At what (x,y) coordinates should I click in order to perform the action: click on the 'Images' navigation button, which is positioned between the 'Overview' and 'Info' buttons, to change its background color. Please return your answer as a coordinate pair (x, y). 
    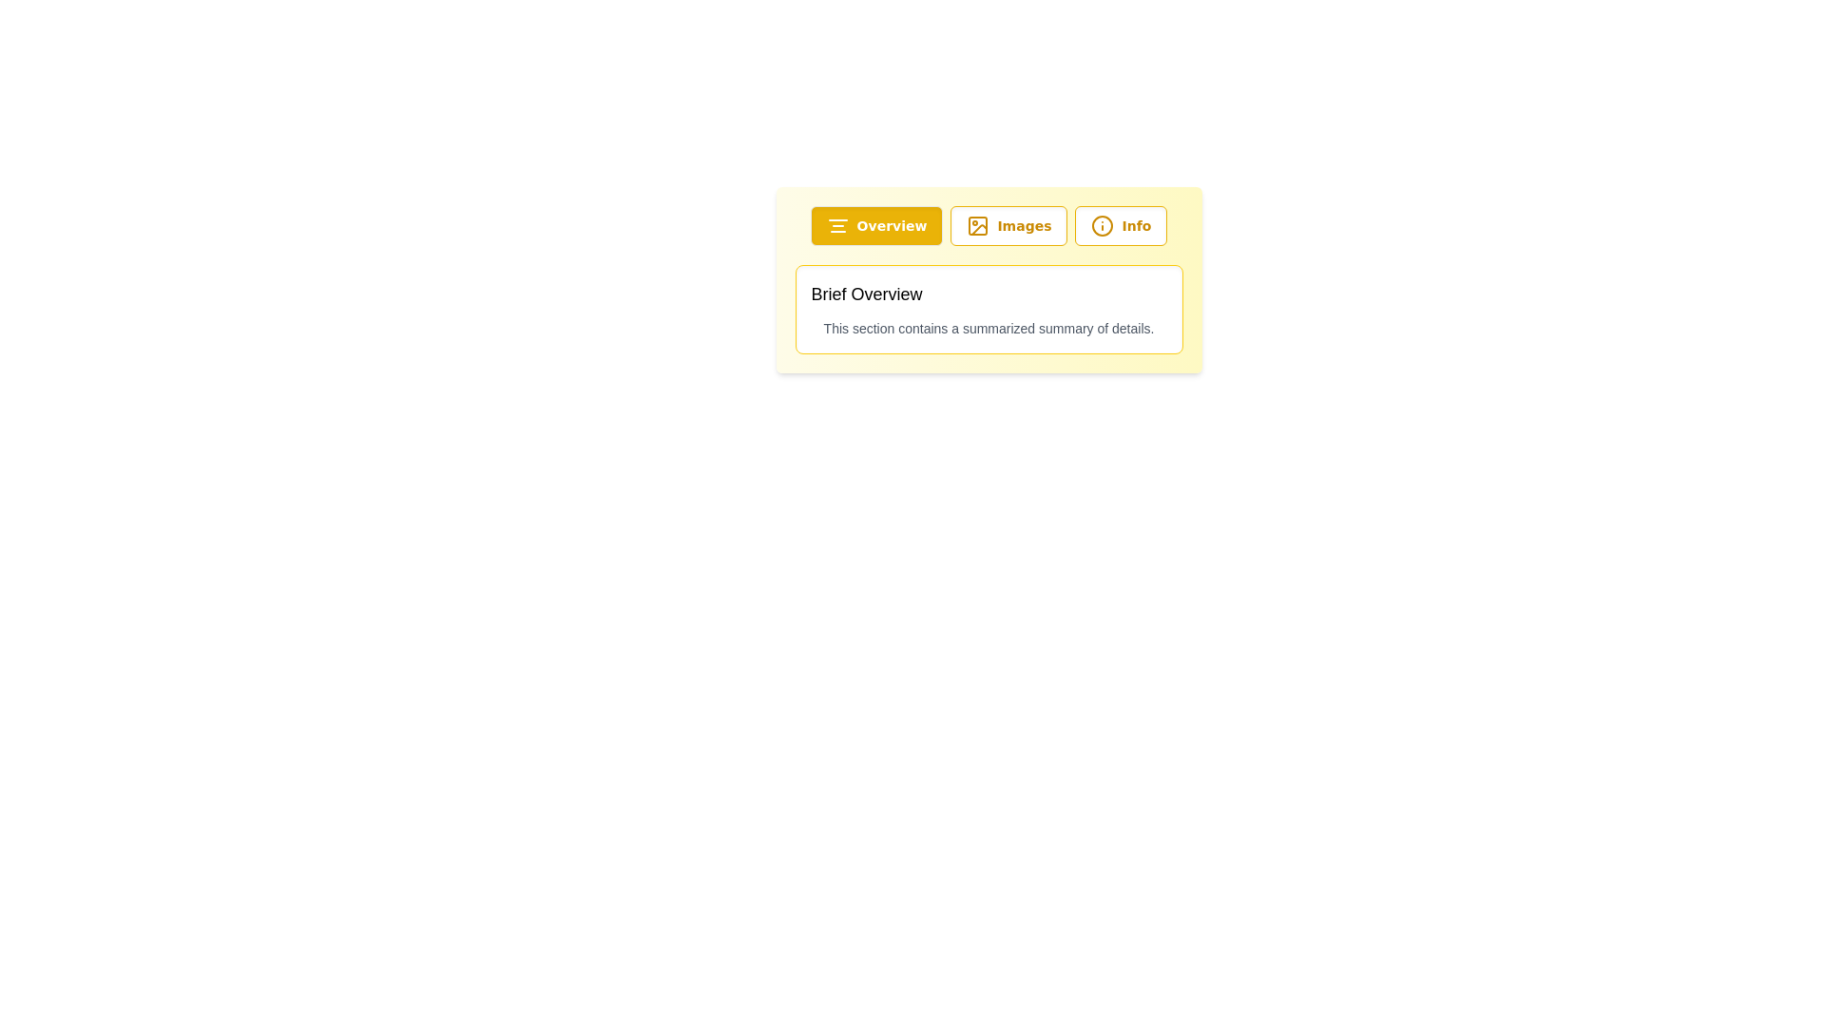
    Looking at the image, I should click on (1008, 225).